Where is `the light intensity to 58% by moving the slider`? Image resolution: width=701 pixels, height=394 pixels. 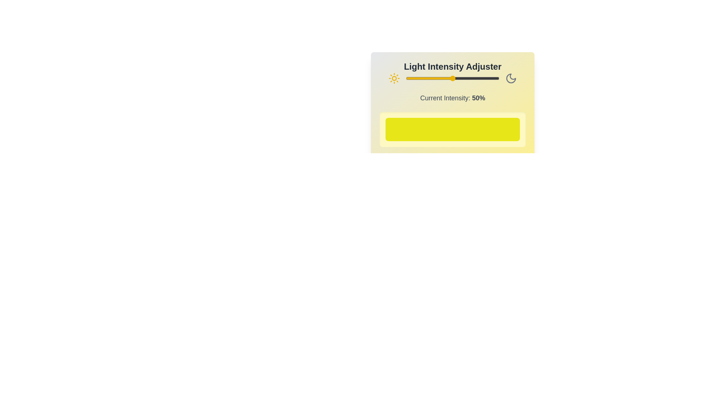
the light intensity to 58% by moving the slider is located at coordinates (460, 78).